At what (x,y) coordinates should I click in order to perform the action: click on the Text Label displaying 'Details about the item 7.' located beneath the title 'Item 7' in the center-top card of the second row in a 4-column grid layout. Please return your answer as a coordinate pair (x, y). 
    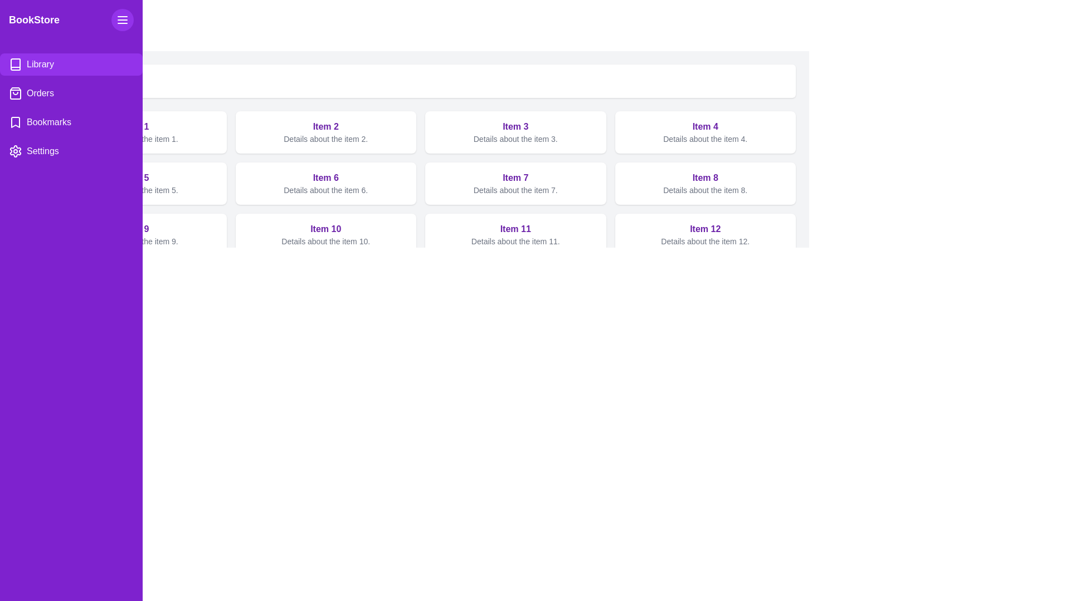
    Looking at the image, I should click on (515, 190).